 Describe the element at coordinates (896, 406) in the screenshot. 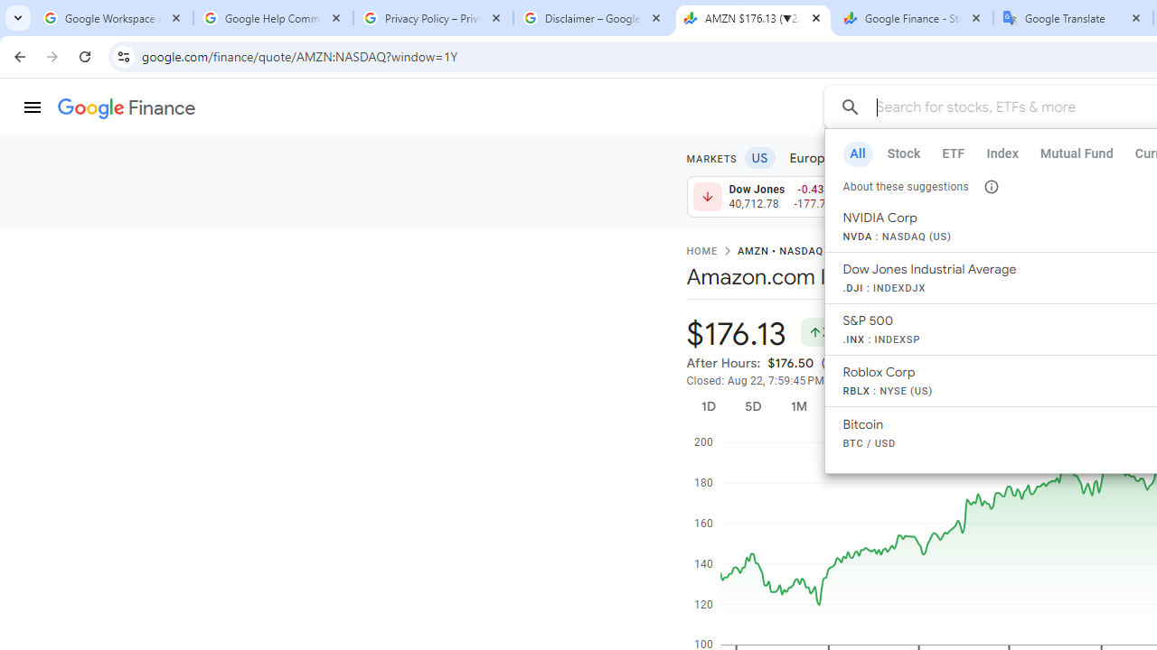

I see `'YTD'` at that location.